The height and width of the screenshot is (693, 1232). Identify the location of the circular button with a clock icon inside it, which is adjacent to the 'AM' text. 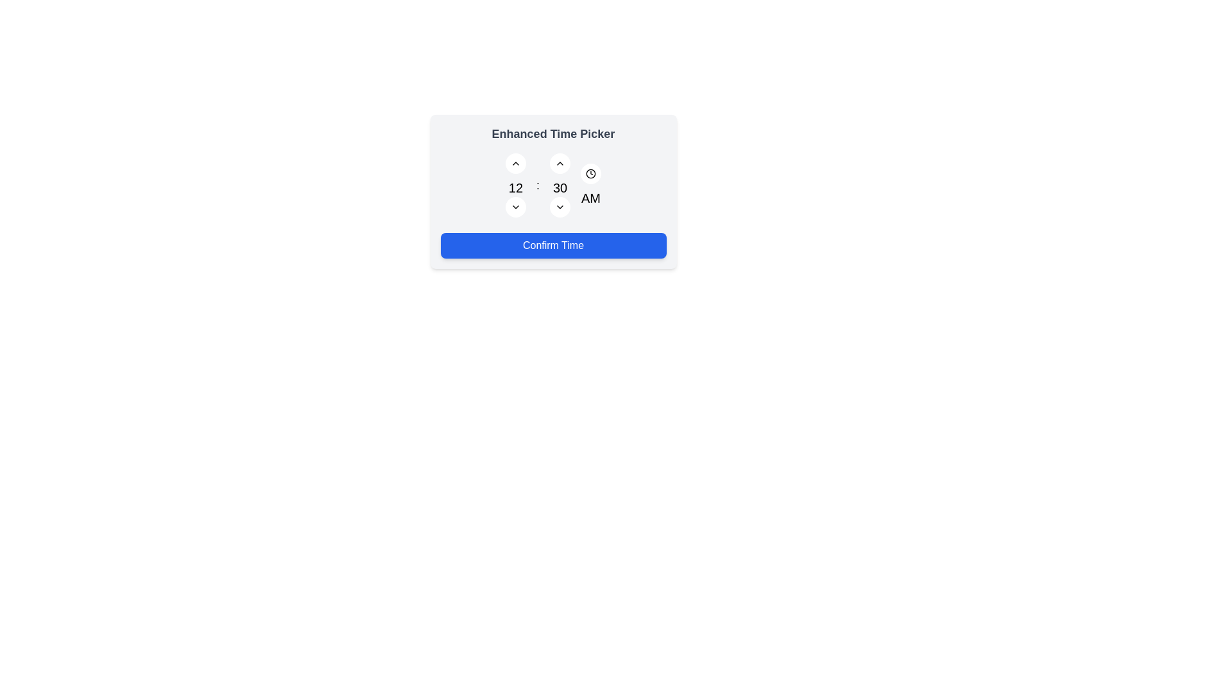
(590, 173).